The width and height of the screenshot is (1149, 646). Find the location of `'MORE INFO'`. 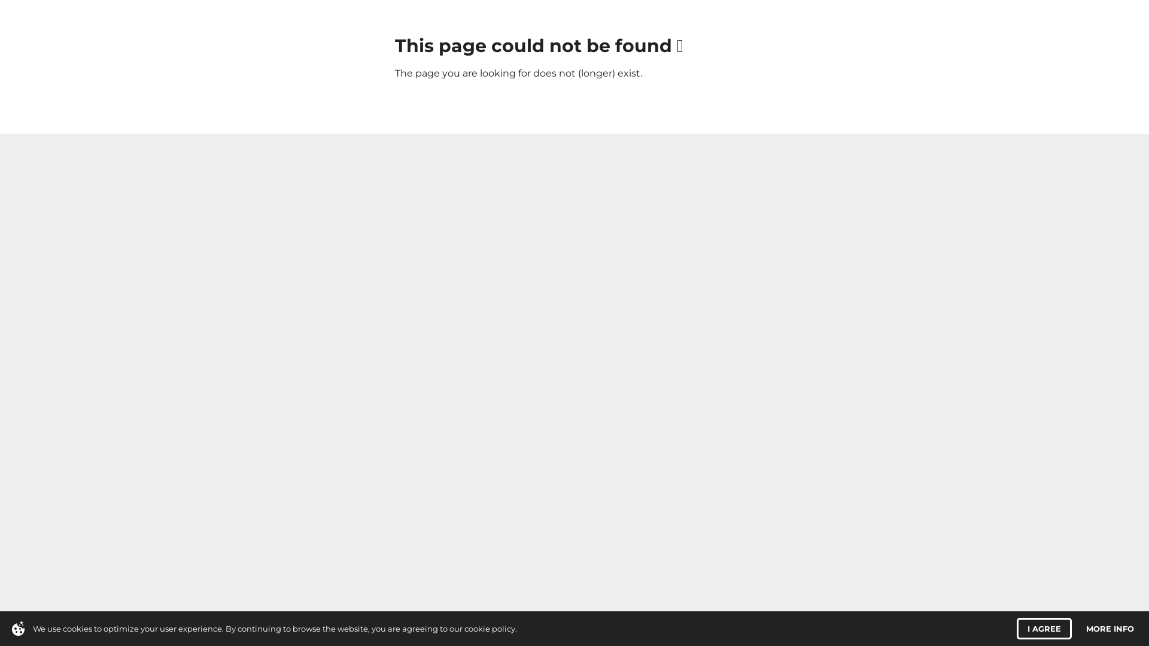

'MORE INFO' is located at coordinates (1109, 627).